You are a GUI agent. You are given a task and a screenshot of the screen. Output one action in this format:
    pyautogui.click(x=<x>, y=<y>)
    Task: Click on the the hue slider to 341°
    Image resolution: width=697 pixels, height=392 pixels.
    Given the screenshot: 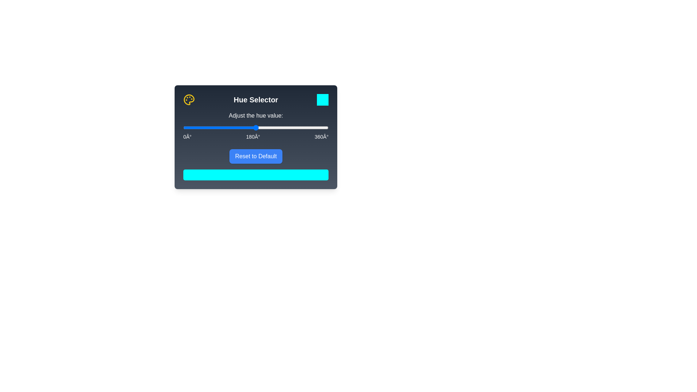 What is the action you would take?
    pyautogui.click(x=320, y=127)
    